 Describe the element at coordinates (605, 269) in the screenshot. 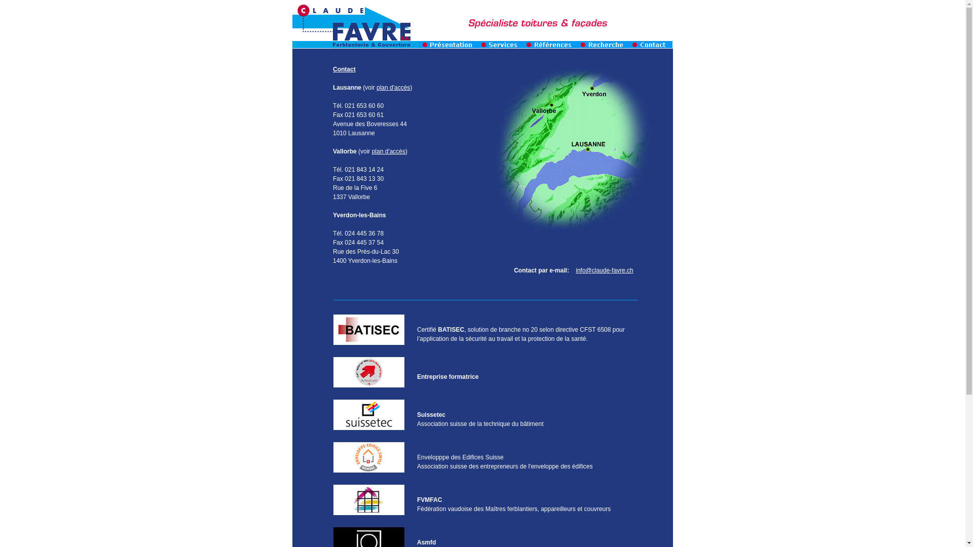

I see `'info@claude-favre.ch'` at that location.